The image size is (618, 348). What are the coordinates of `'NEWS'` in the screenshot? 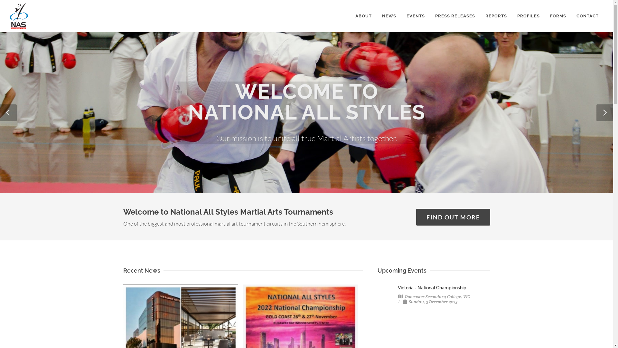 It's located at (389, 16).